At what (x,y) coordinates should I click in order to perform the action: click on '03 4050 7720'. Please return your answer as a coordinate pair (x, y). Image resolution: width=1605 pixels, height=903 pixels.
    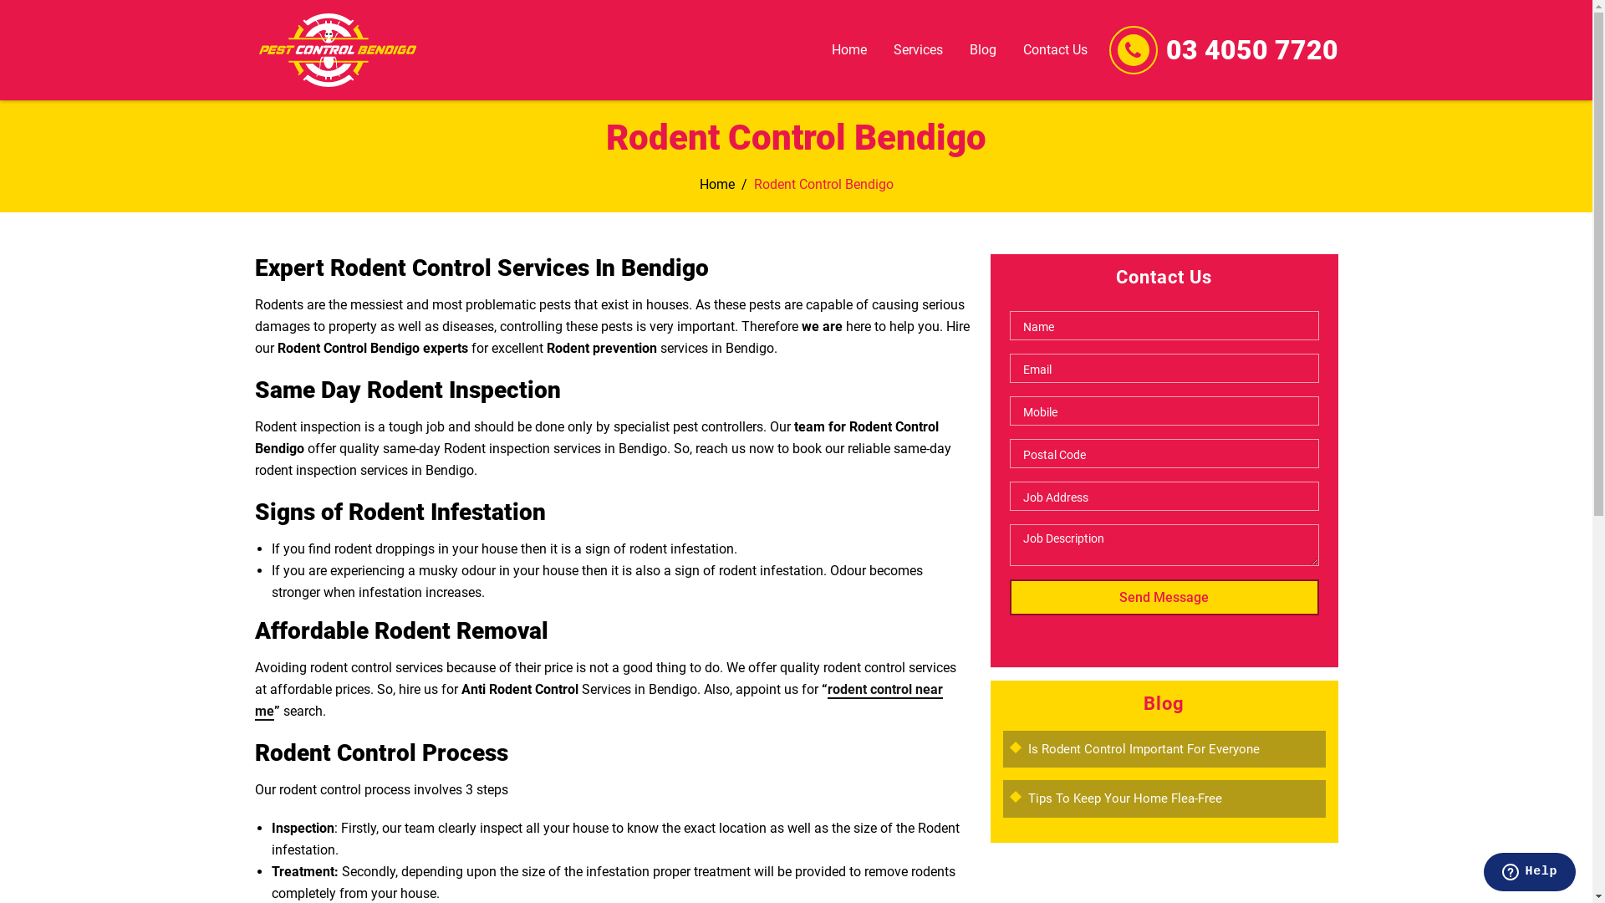
    Looking at the image, I should click on (1164, 49).